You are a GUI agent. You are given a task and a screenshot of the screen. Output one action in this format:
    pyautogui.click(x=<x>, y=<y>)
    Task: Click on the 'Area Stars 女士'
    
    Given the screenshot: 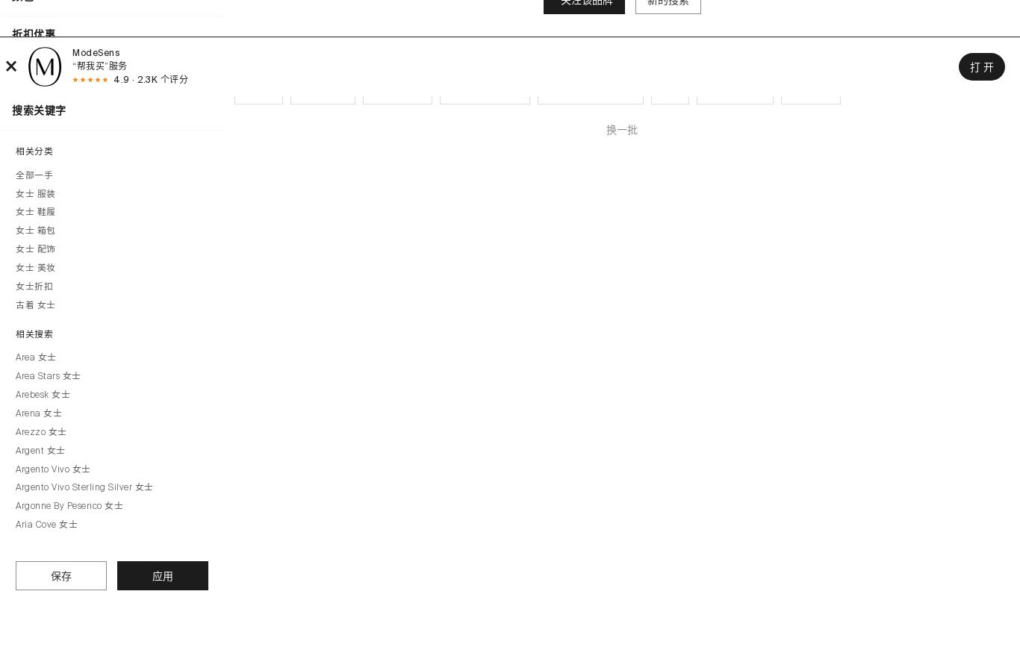 What is the action you would take?
    pyautogui.click(x=48, y=377)
    